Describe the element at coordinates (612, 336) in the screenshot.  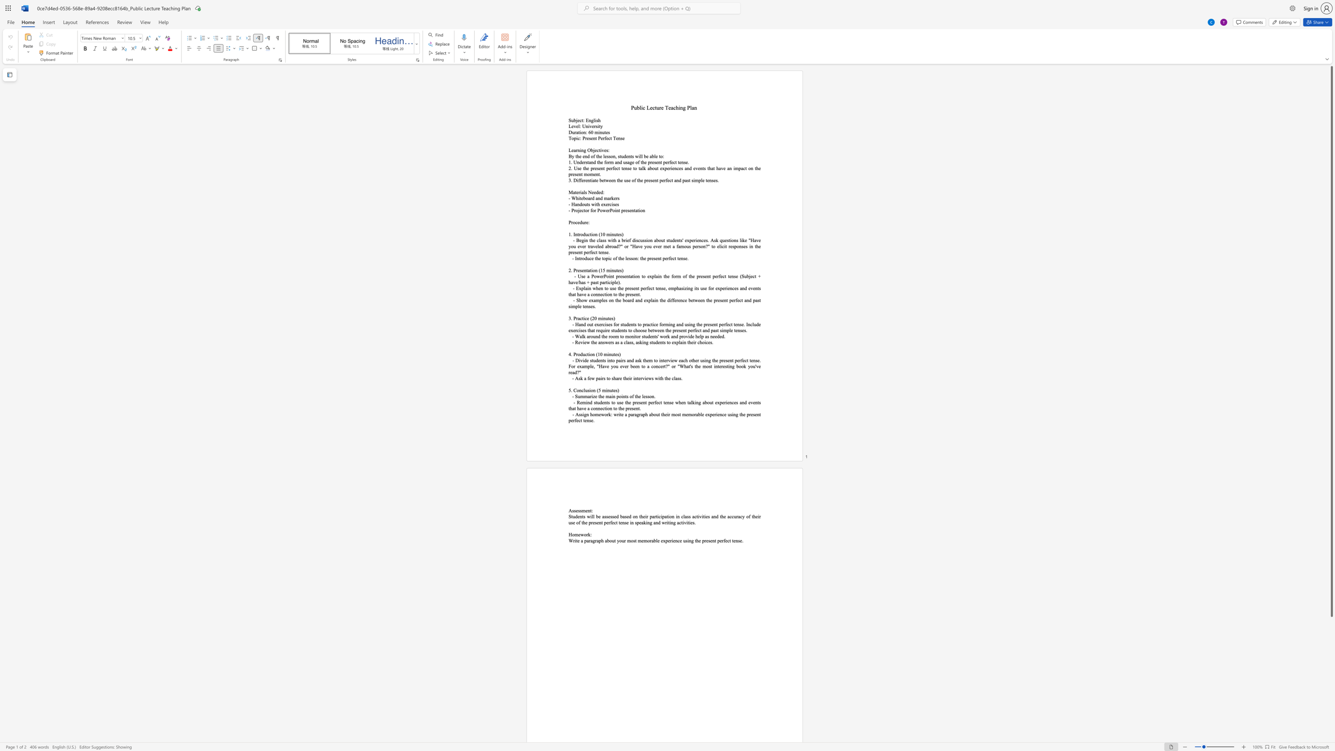
I see `the space between the continuous character "o" and "o" in the text` at that location.